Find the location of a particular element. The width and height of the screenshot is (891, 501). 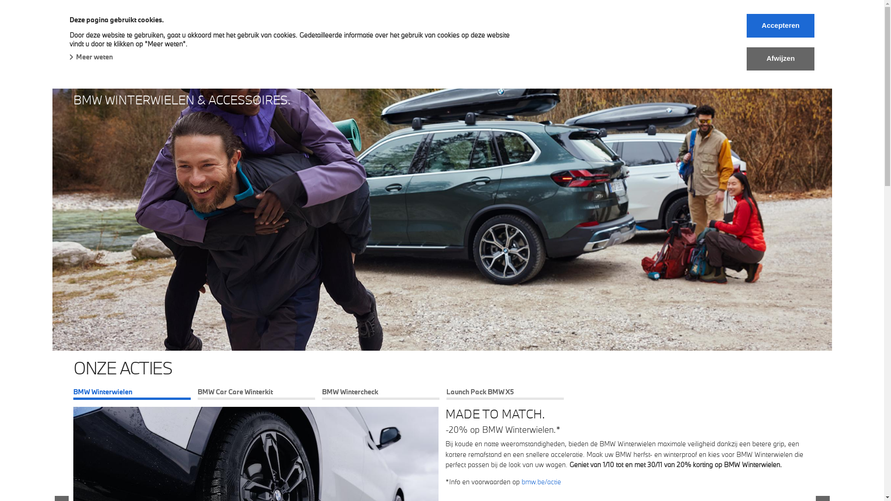

'BMW Winterwielen' is located at coordinates (131, 394).